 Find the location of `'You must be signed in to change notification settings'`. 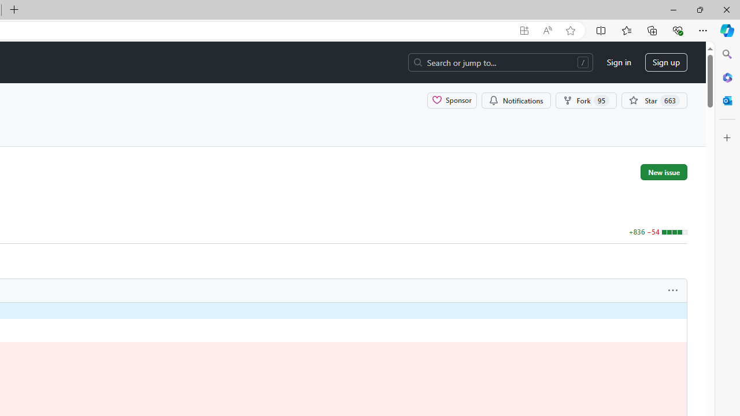

'You must be signed in to change notification settings' is located at coordinates (515, 99).